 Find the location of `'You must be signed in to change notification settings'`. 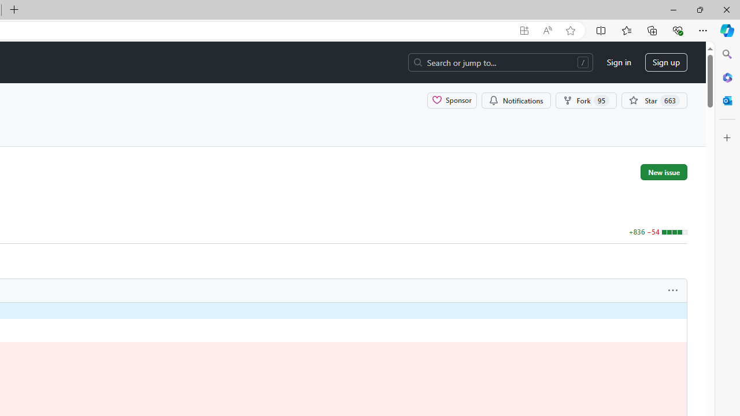

'You must be signed in to change notification settings' is located at coordinates (515, 99).